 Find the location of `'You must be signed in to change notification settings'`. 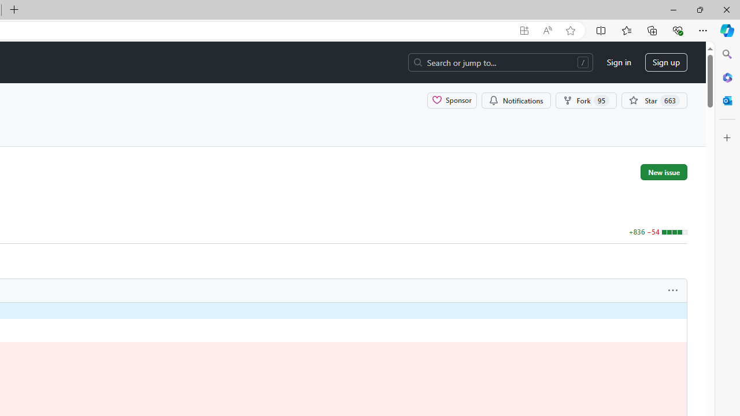

'You must be signed in to change notification settings' is located at coordinates (515, 99).